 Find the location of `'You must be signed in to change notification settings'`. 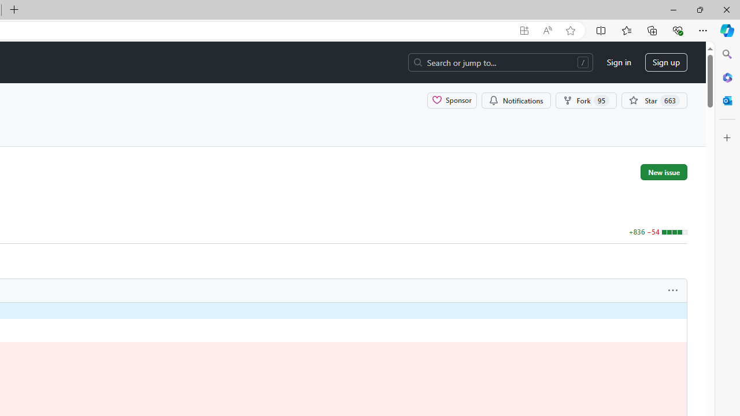

'You must be signed in to change notification settings' is located at coordinates (515, 99).